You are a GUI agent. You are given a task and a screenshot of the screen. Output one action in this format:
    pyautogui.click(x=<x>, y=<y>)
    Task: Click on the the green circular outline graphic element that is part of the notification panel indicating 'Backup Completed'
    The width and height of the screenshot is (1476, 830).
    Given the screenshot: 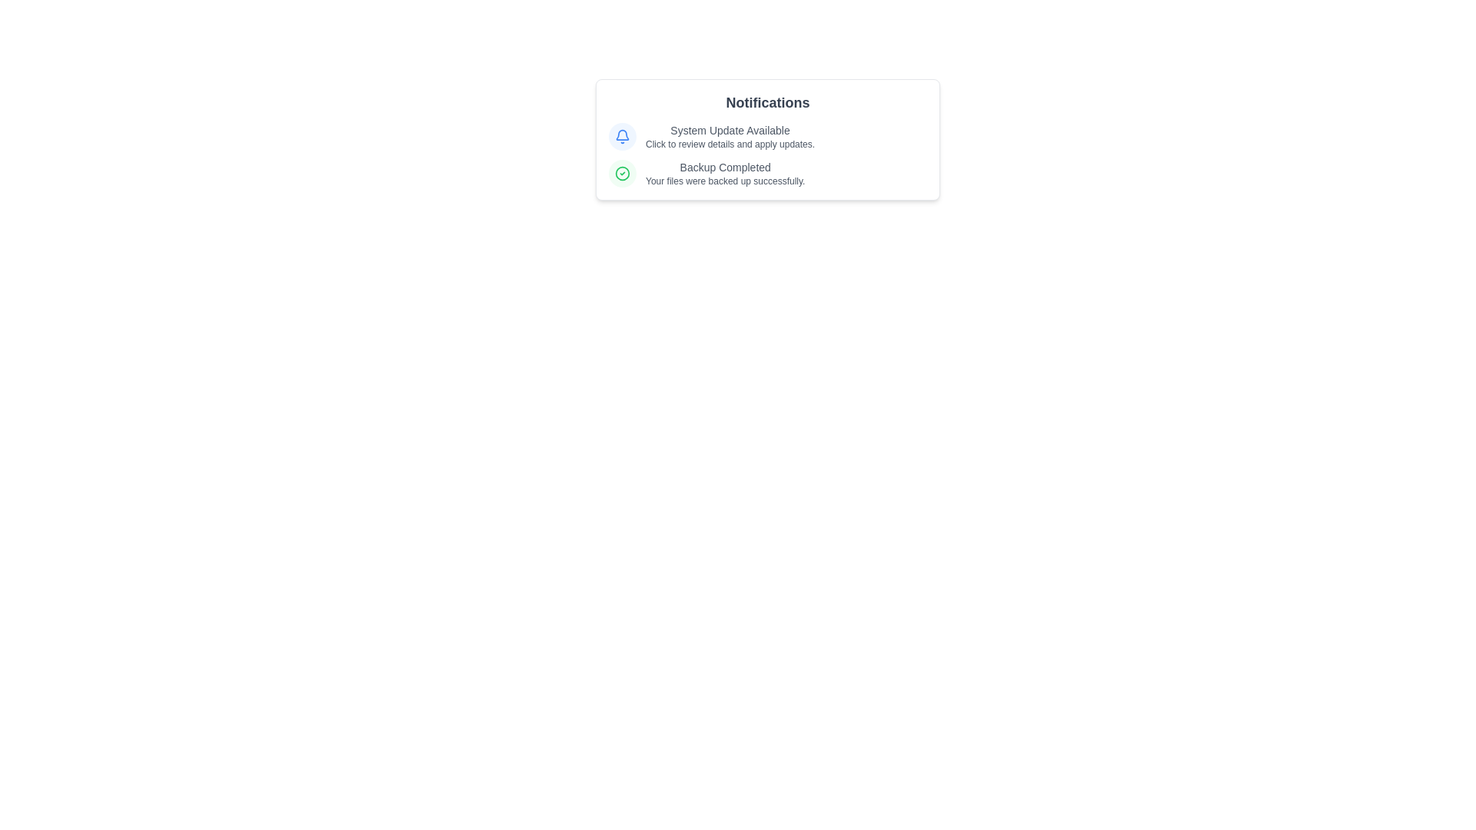 What is the action you would take?
    pyautogui.click(x=623, y=173)
    